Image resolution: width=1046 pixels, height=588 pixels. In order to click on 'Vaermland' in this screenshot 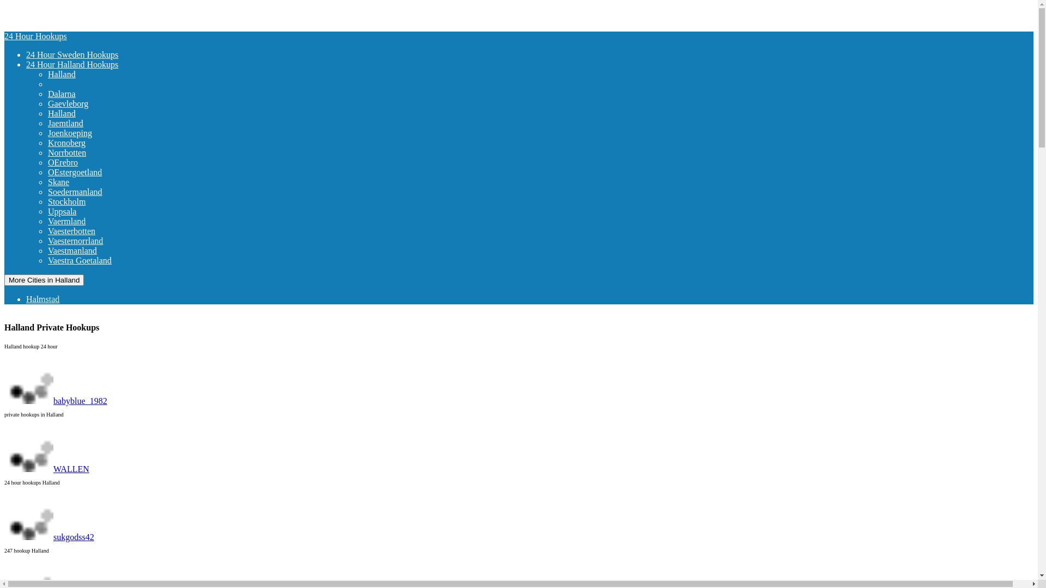, I will do `click(85, 220)`.